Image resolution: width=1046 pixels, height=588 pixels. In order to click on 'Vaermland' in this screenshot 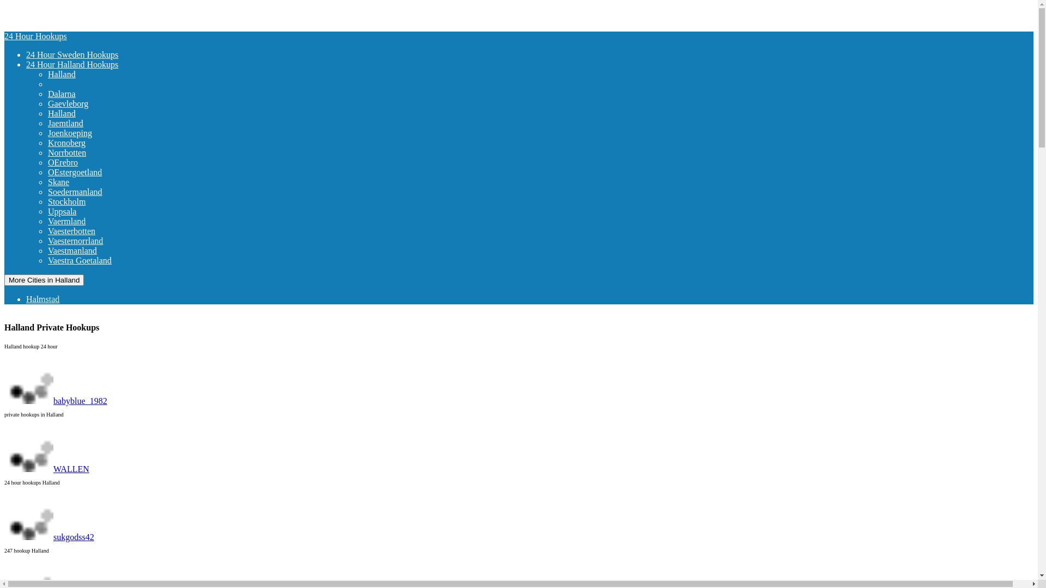, I will do `click(85, 220)`.